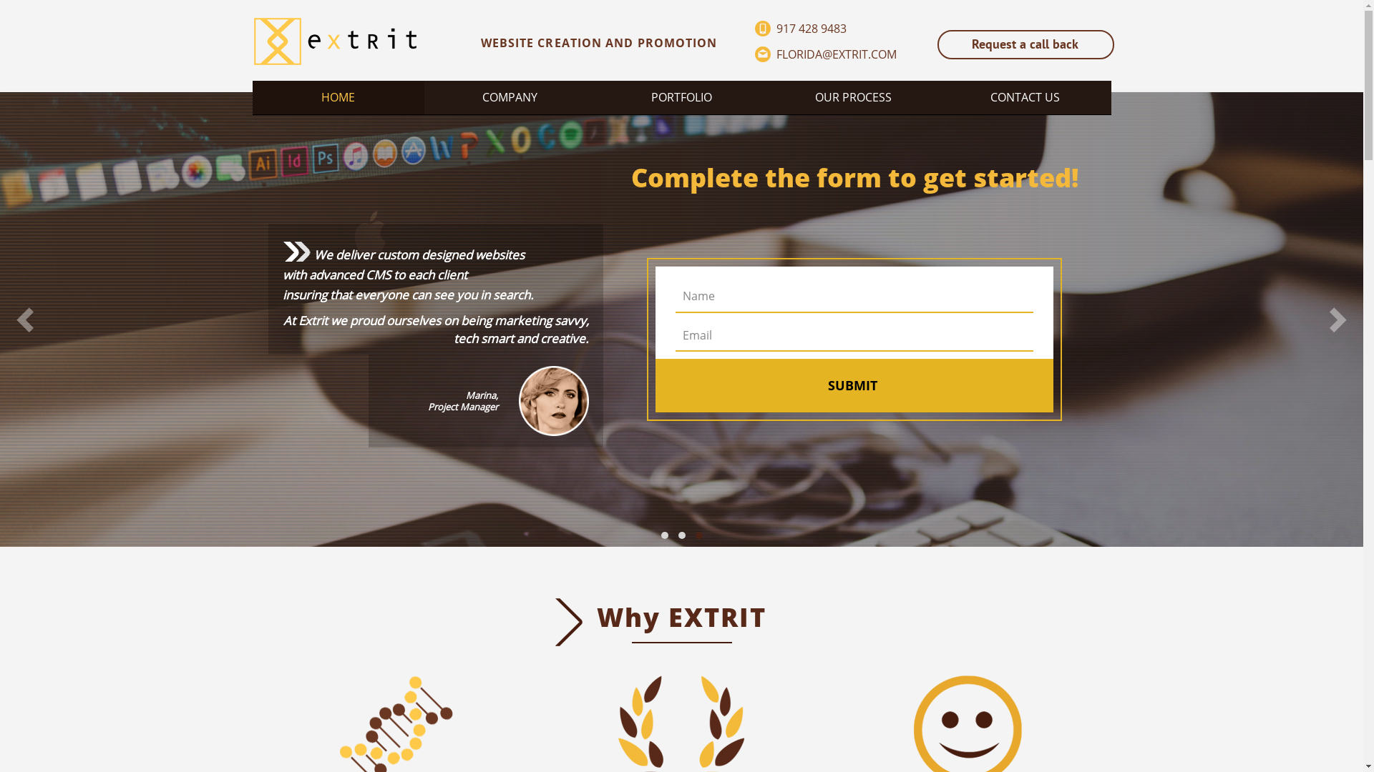  I want to click on 'Request a call back', so click(1025, 44).